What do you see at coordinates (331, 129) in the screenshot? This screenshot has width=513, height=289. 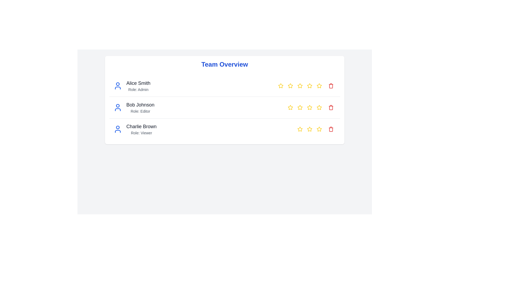 I see `the delete icon located at the far right of the third list item in the 'Team Overview' section to initiate the deletion process` at bounding box center [331, 129].